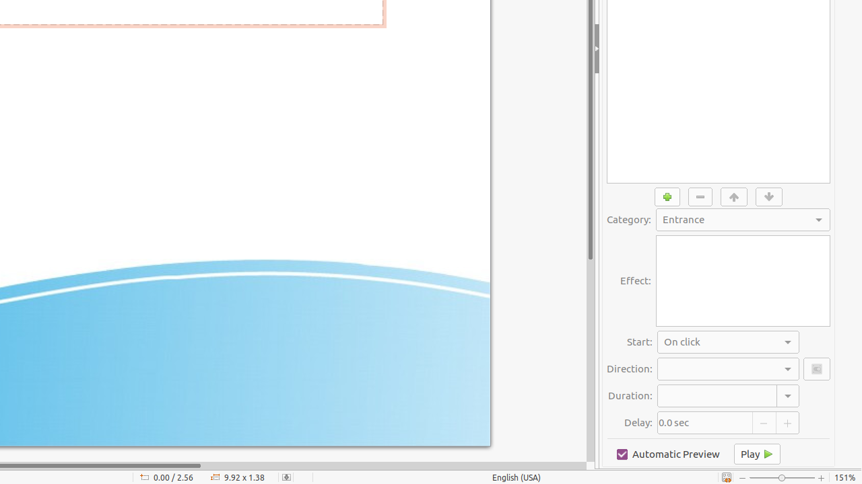 The image size is (862, 484). Describe the element at coordinates (757, 454) in the screenshot. I see `'Play'` at that location.